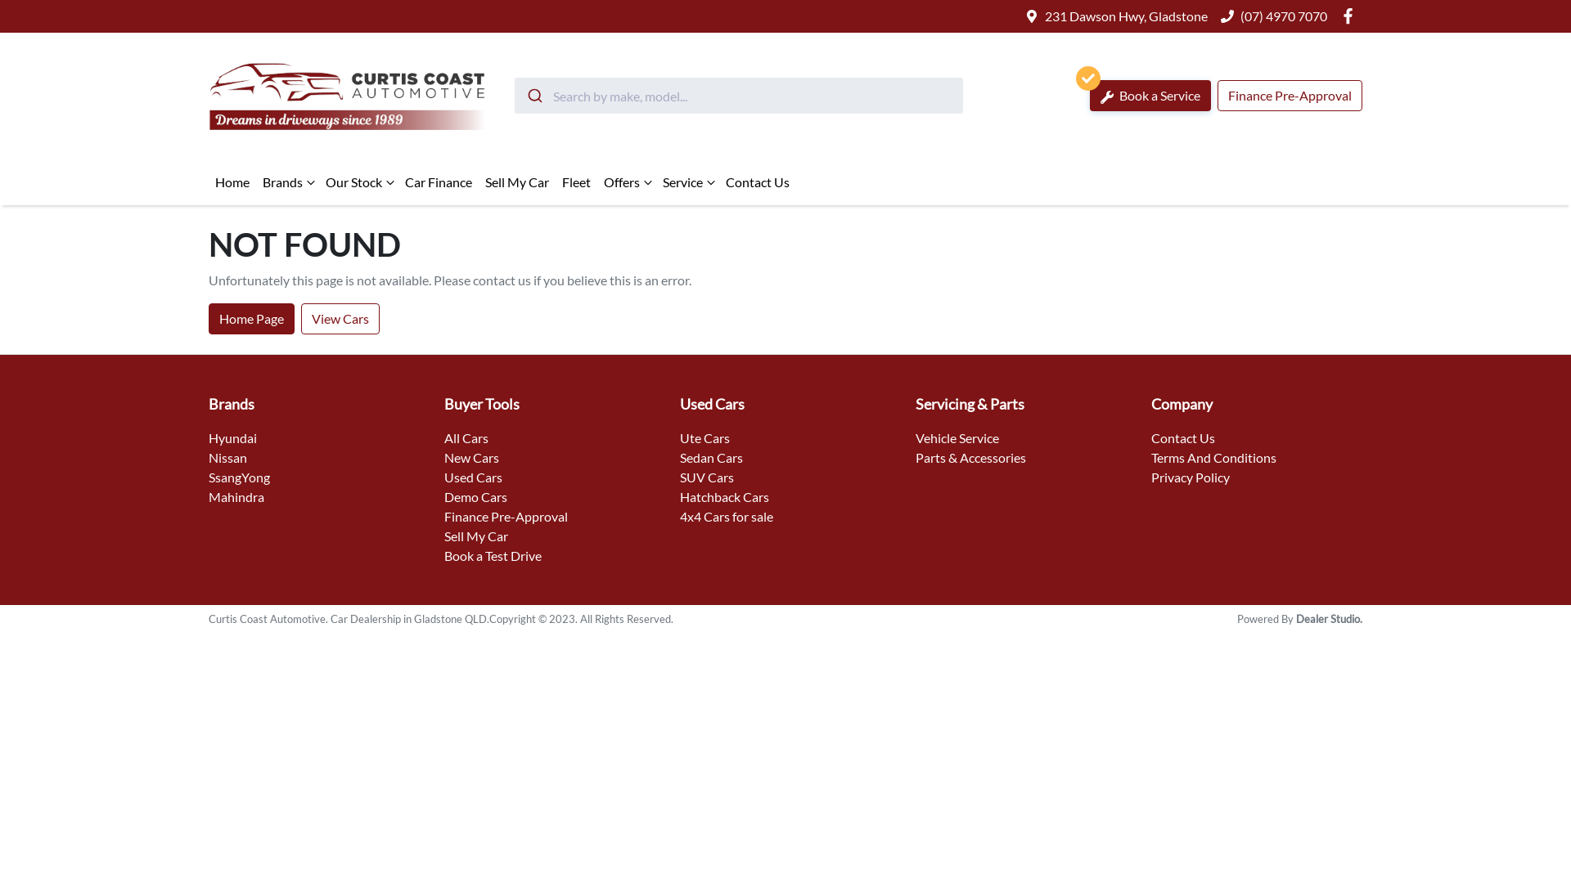 This screenshot has width=1571, height=883. What do you see at coordinates (207, 182) in the screenshot?
I see `'Home'` at bounding box center [207, 182].